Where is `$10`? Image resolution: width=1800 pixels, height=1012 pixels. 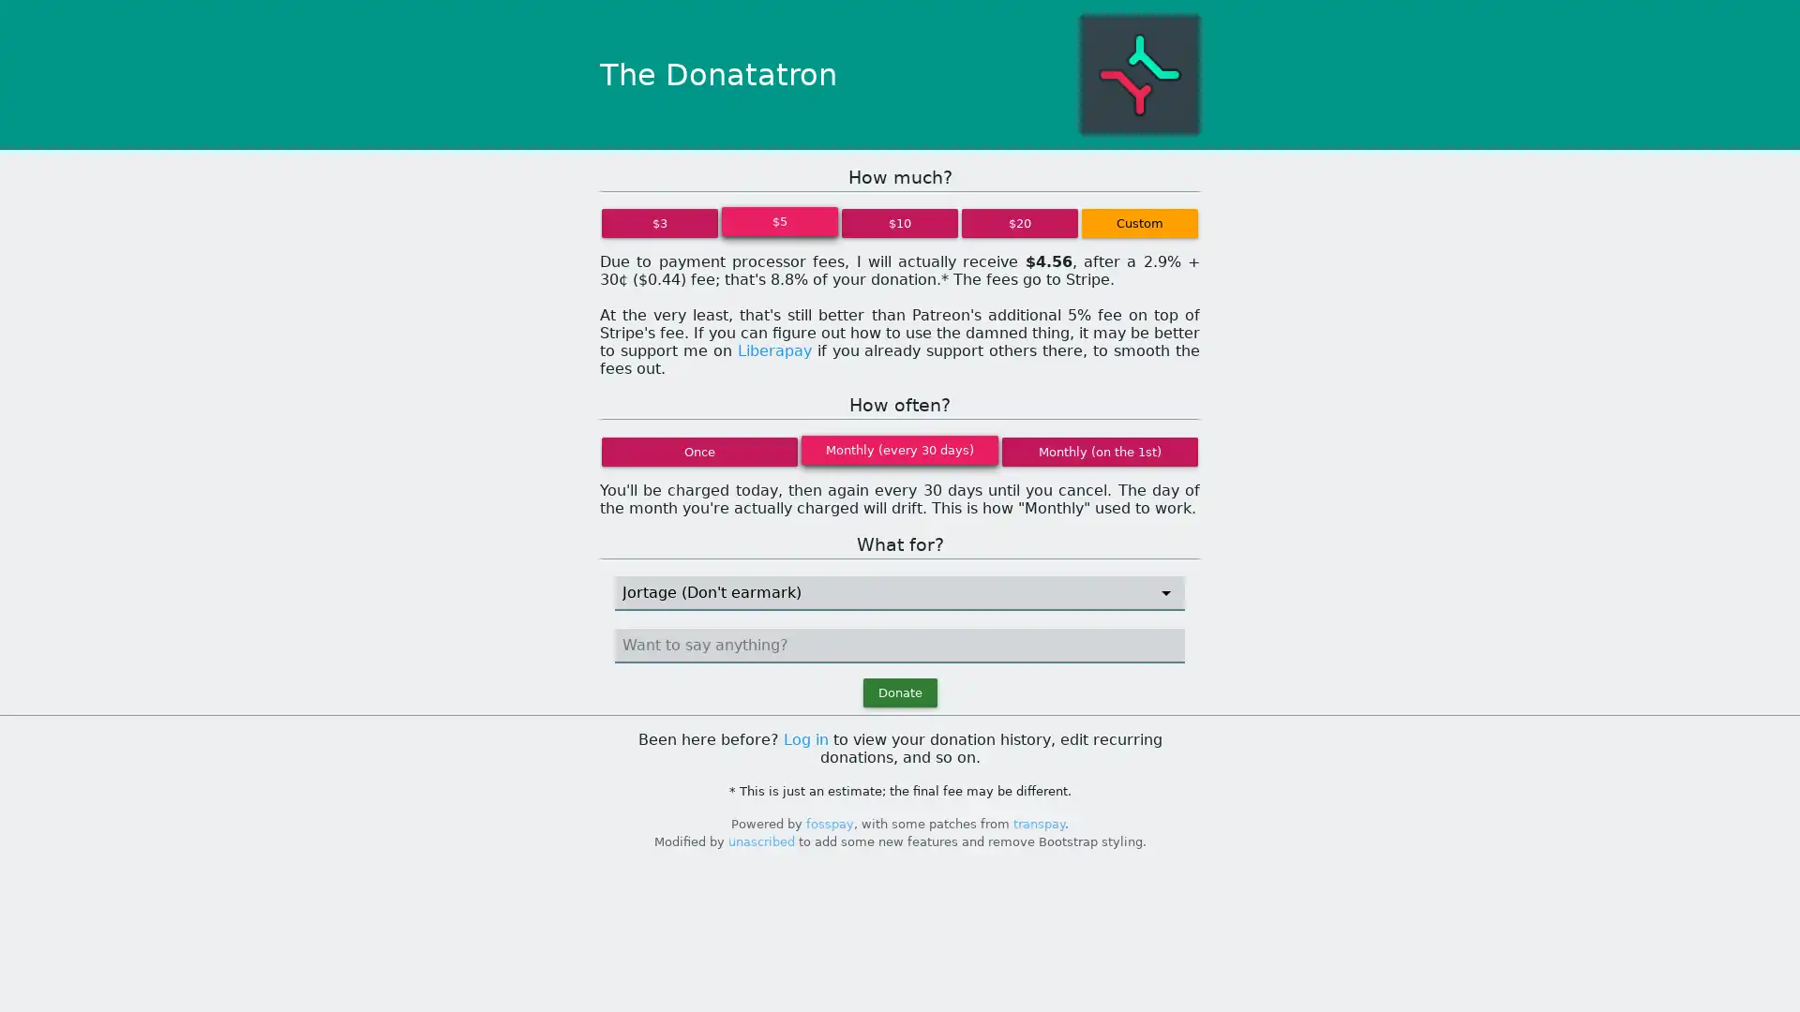
$10 is located at coordinates (900, 222).